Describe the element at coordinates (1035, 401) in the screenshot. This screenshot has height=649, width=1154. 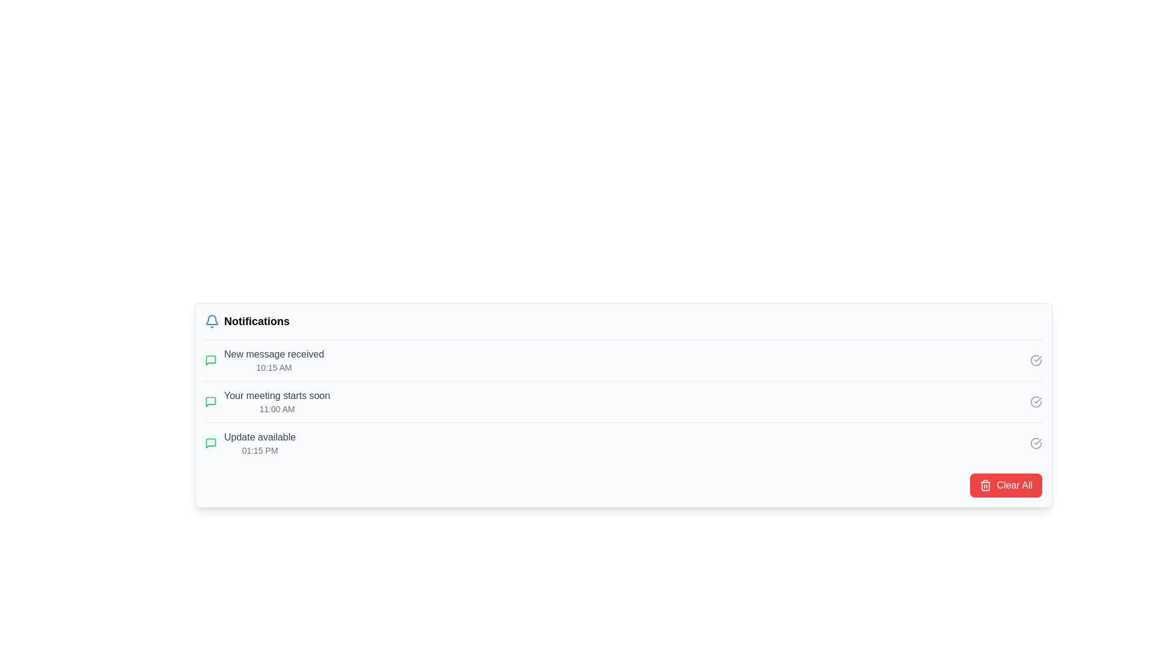
I see `the checkmark circle icon located on the far-right of the notification entry that reads 'Your meeting starts soon 11:00 AM' to change its color` at that location.